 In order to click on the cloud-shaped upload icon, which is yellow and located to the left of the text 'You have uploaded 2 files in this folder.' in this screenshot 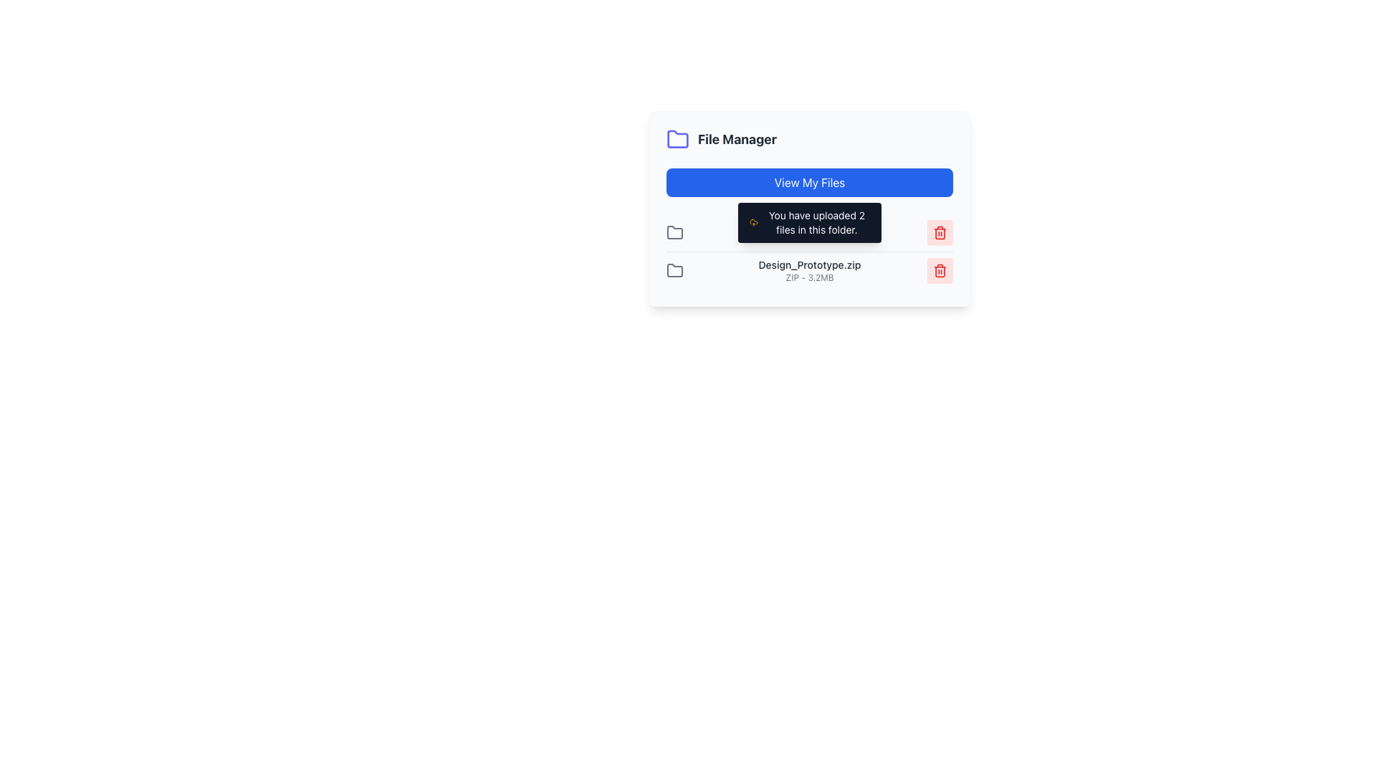, I will do `click(752, 223)`.